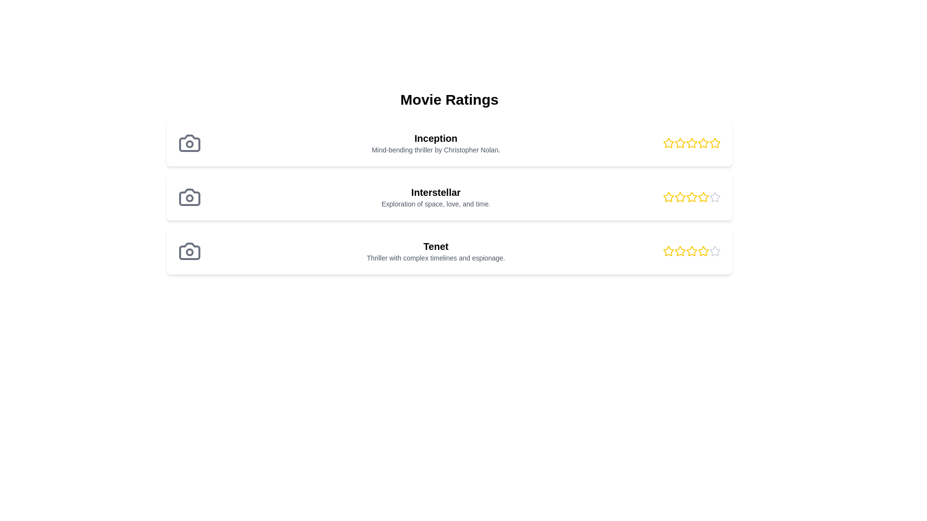 The image size is (927, 521). What do you see at coordinates (715, 196) in the screenshot?
I see `the fifth star in the interactive star rating element for the 'Interstellar' entry` at bounding box center [715, 196].